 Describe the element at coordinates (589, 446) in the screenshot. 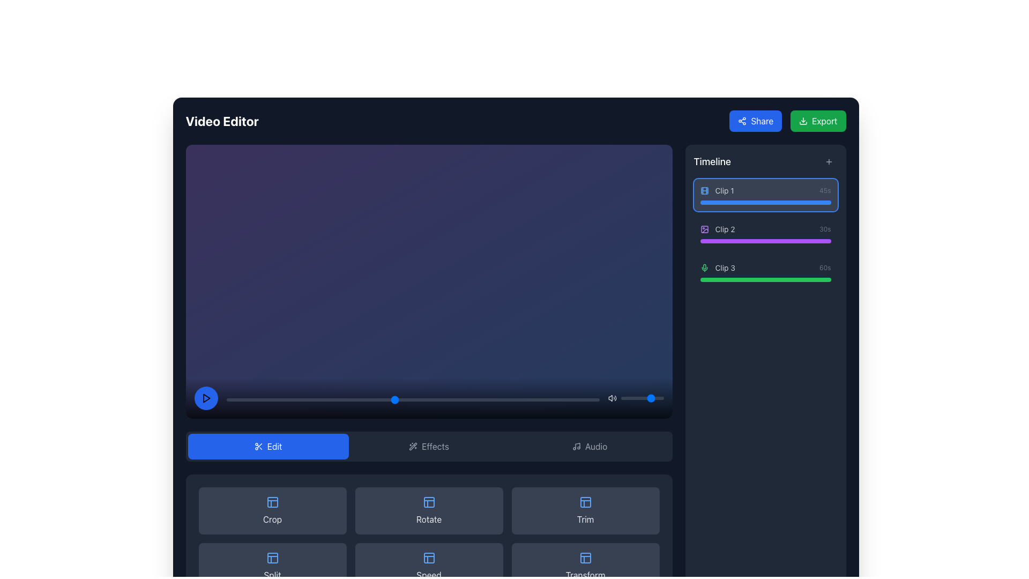

I see `the 'Audio' tab button, which is the third tab in the horizontal button group below the video playback area` at that location.